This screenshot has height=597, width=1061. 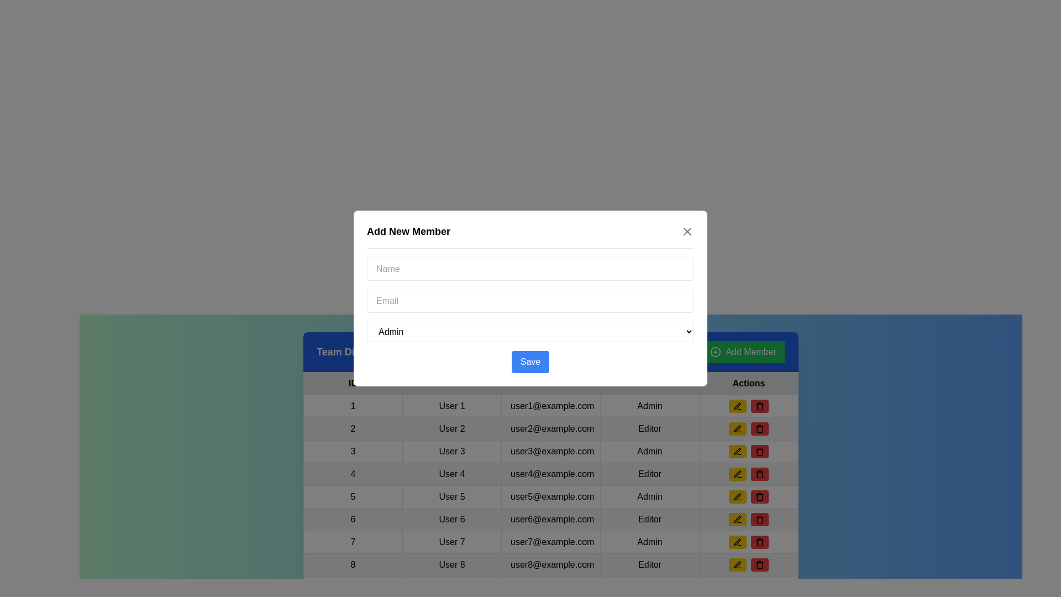 I want to click on the central lower body of the trash can icon, which is a rectangular area with rounded edges in the Actions column of the table, so click(x=759, y=565).